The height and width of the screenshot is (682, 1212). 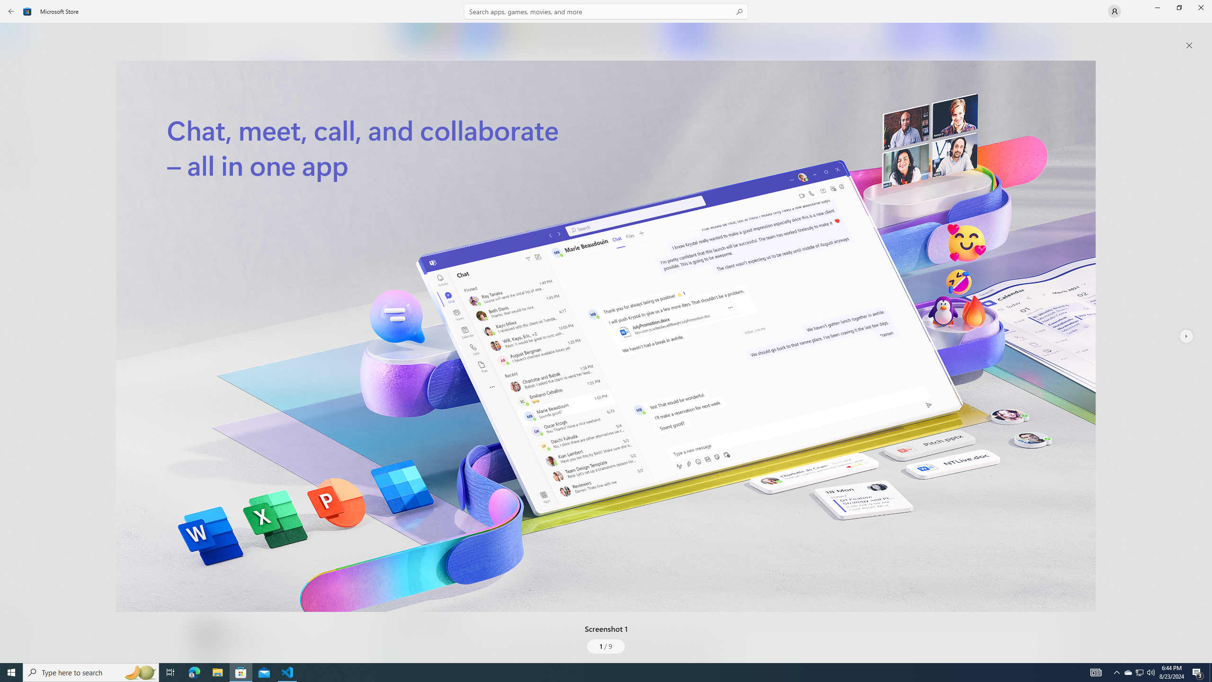 I want to click on 'Search', so click(x=606, y=11).